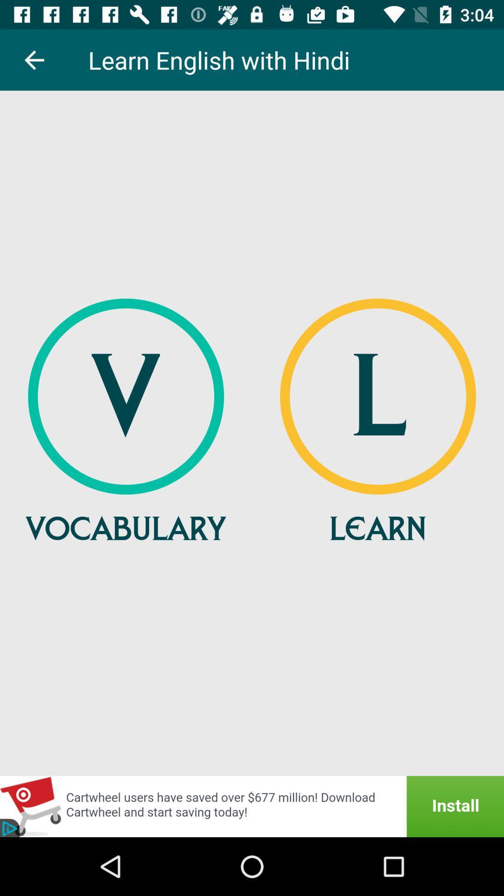 The image size is (504, 896). I want to click on advertisement, so click(252, 806).